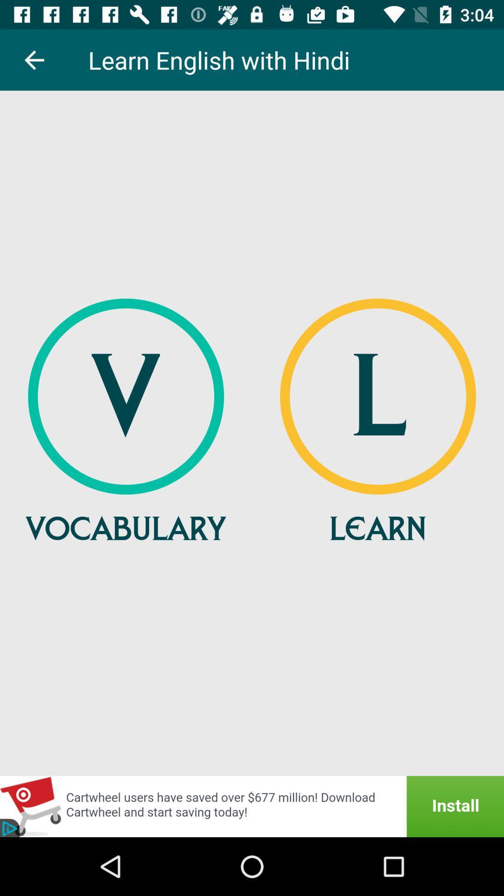 The image size is (504, 896). I want to click on advertisement, so click(252, 806).